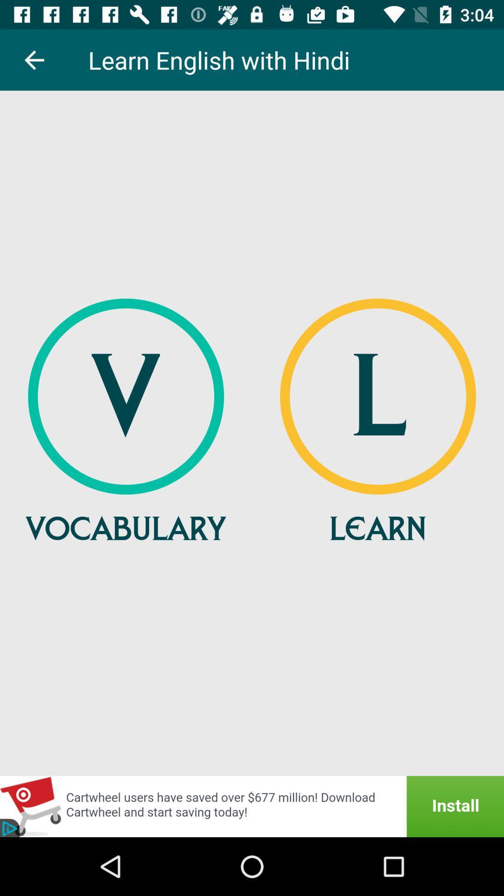 The image size is (504, 896). I want to click on advertisement, so click(252, 806).